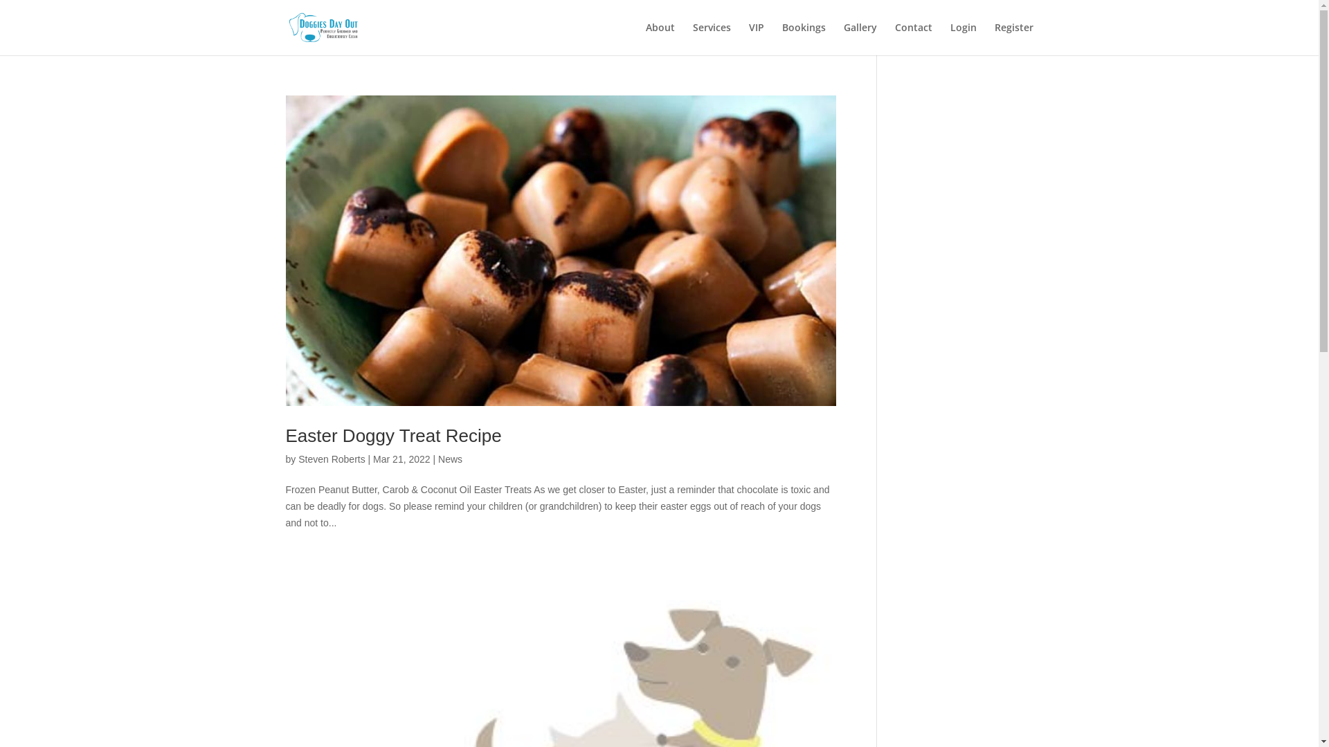  What do you see at coordinates (711, 38) in the screenshot?
I see `'Services'` at bounding box center [711, 38].